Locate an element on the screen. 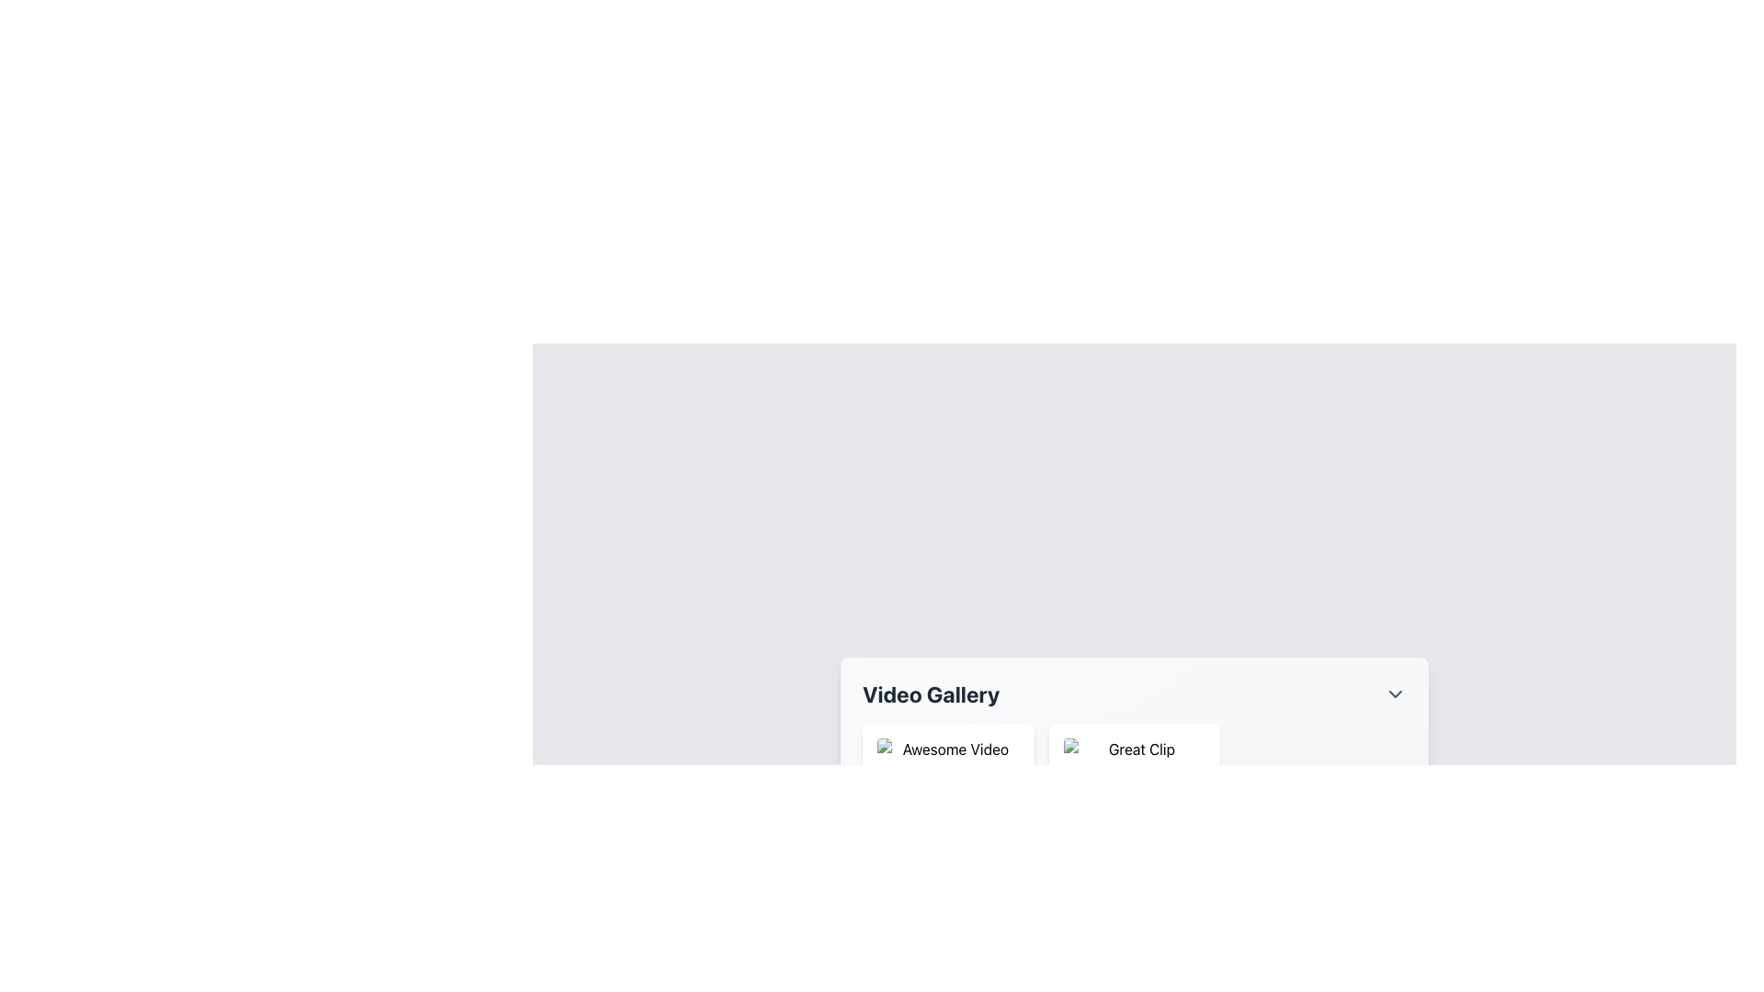 This screenshot has height=992, width=1764. the video thumbnail for 'Great Clip', located in the video gallery section, positioned above the title and channel information is located at coordinates (1132, 795).